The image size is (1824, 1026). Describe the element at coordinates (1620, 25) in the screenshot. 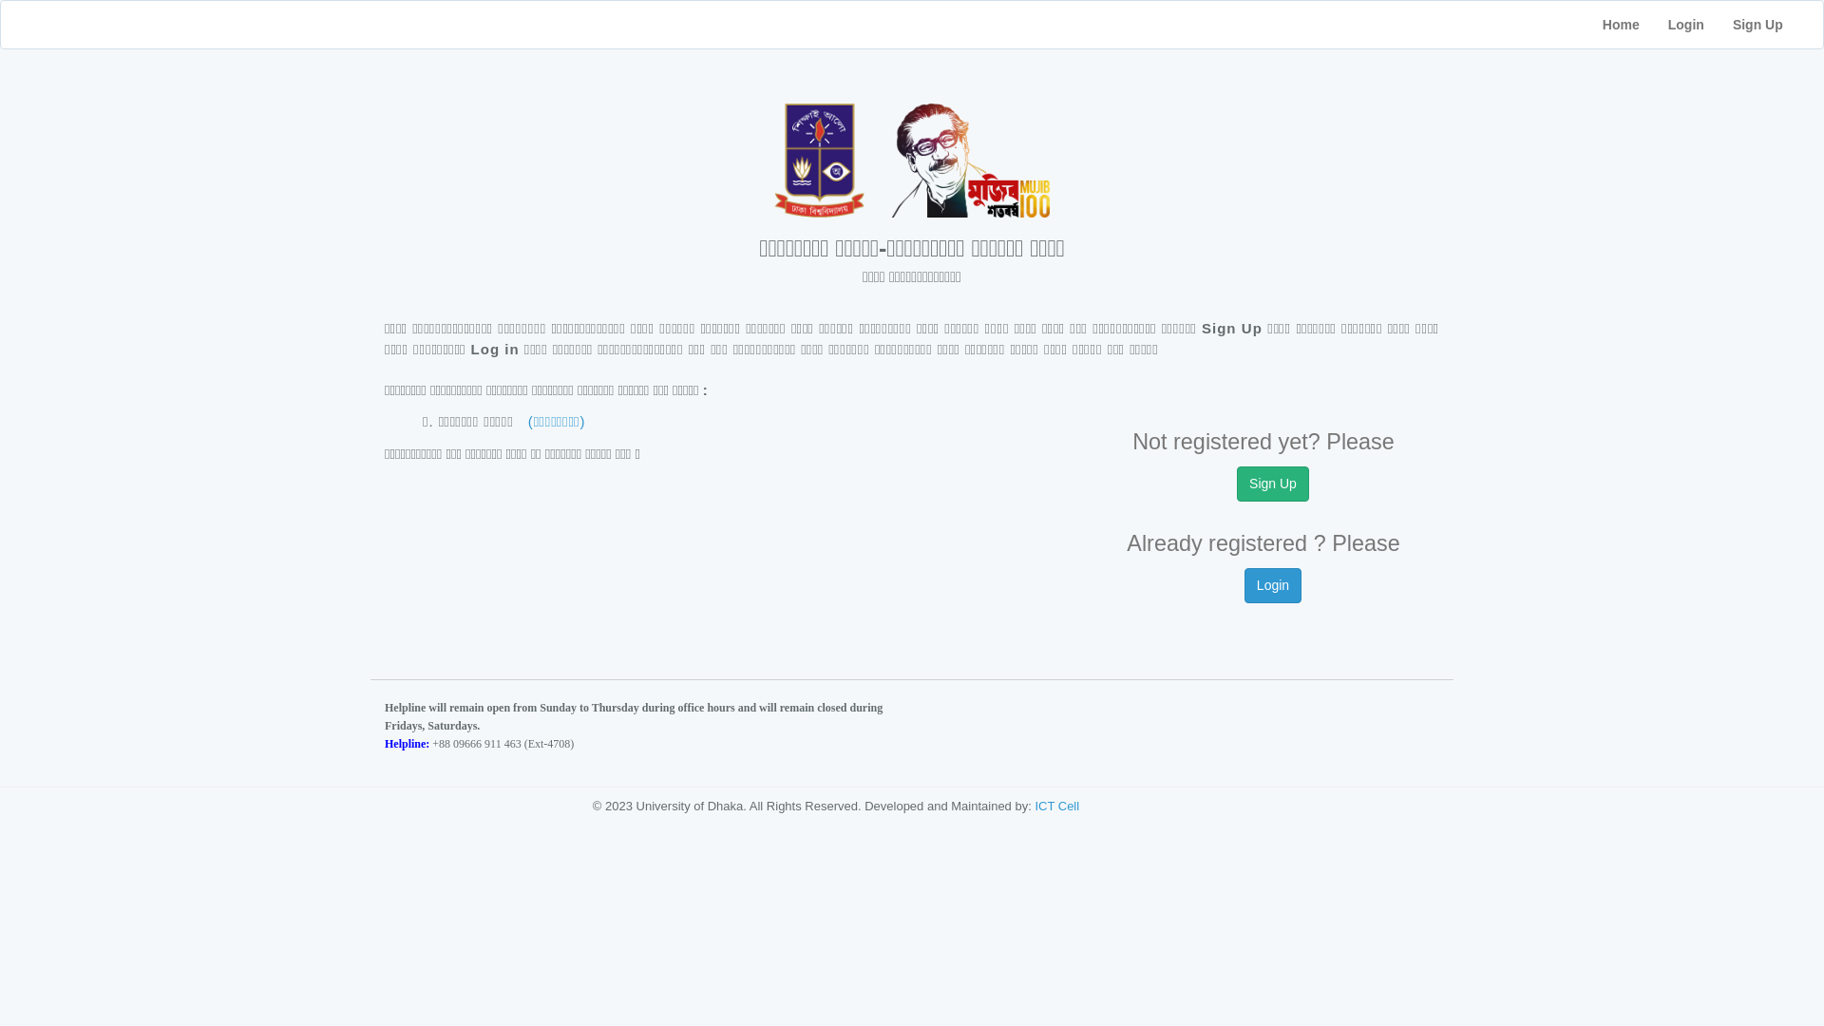

I see `'Home'` at that location.